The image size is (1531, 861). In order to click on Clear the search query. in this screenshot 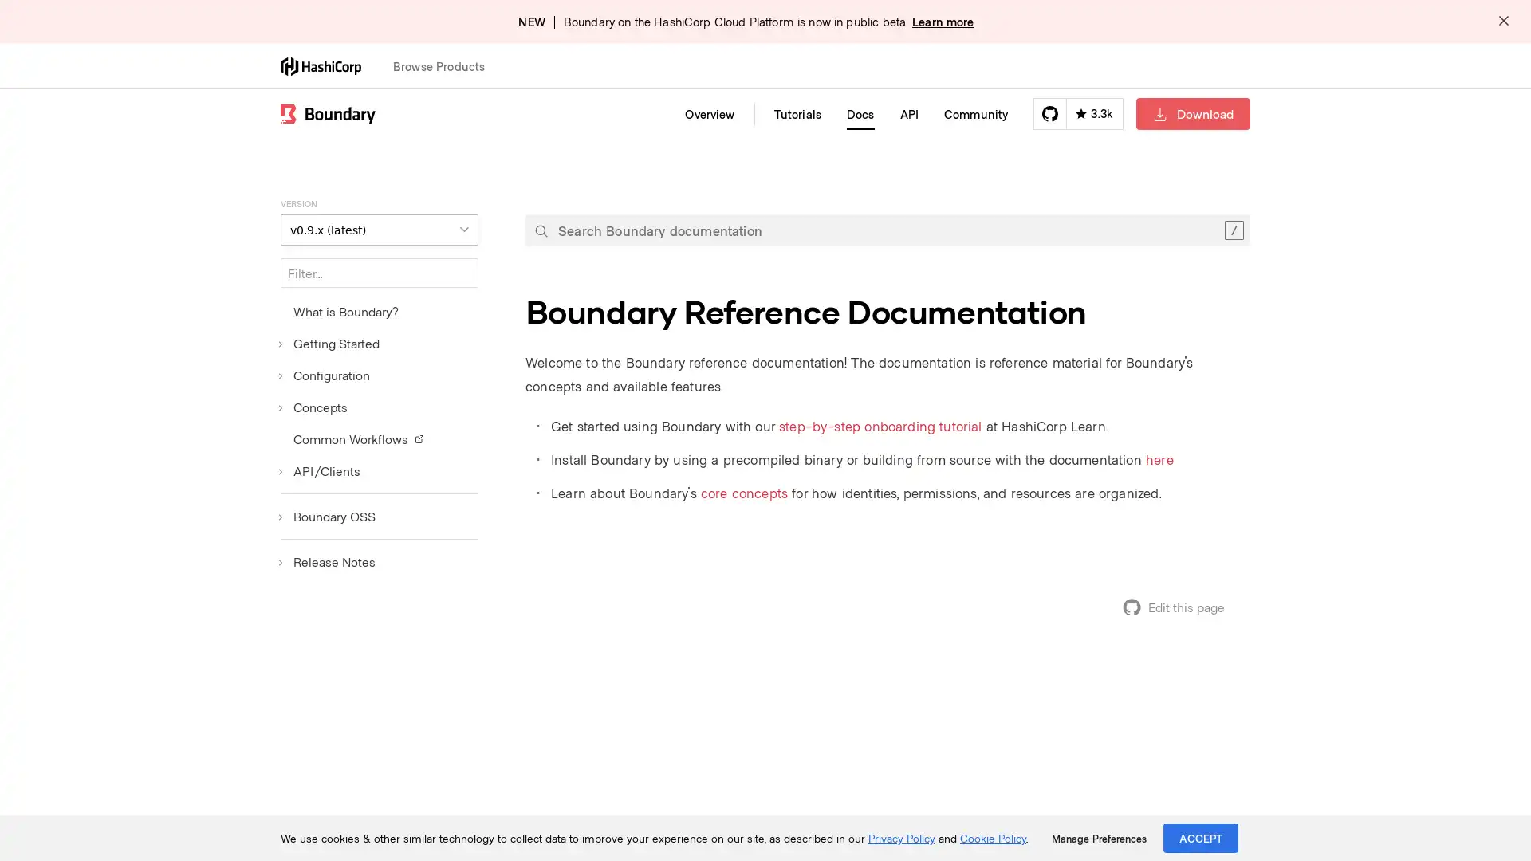, I will do `click(1233, 230)`.